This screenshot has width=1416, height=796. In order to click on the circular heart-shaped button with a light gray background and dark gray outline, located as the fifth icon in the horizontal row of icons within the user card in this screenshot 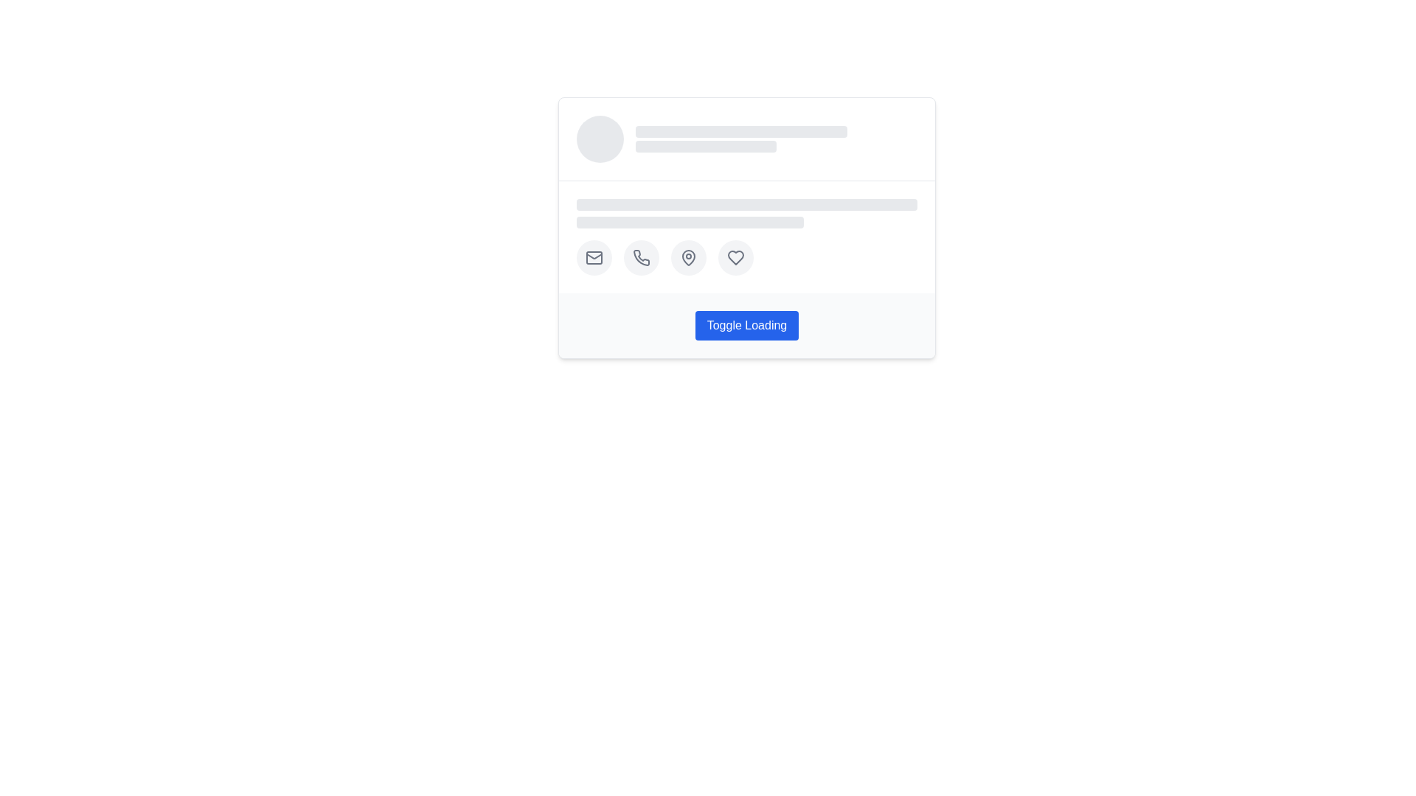, I will do `click(736, 257)`.